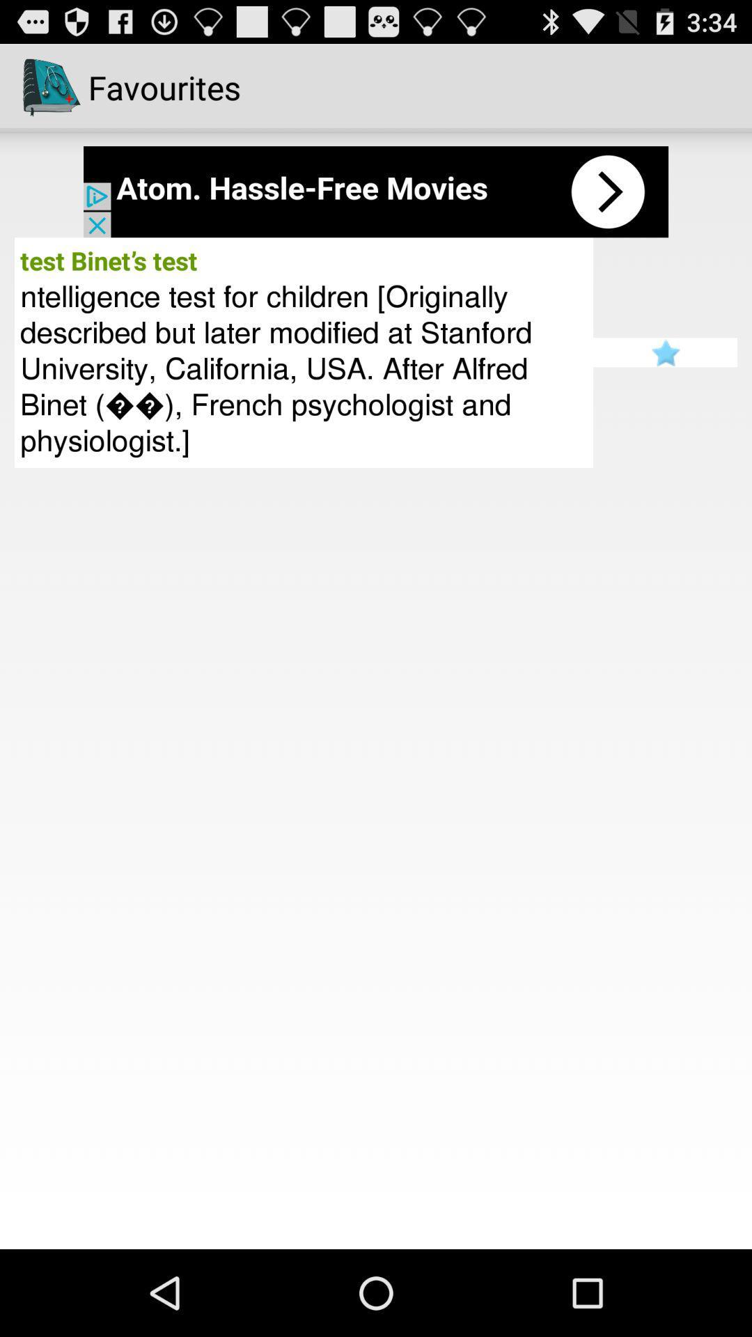 The width and height of the screenshot is (752, 1337). I want to click on as favorite, so click(664, 352).